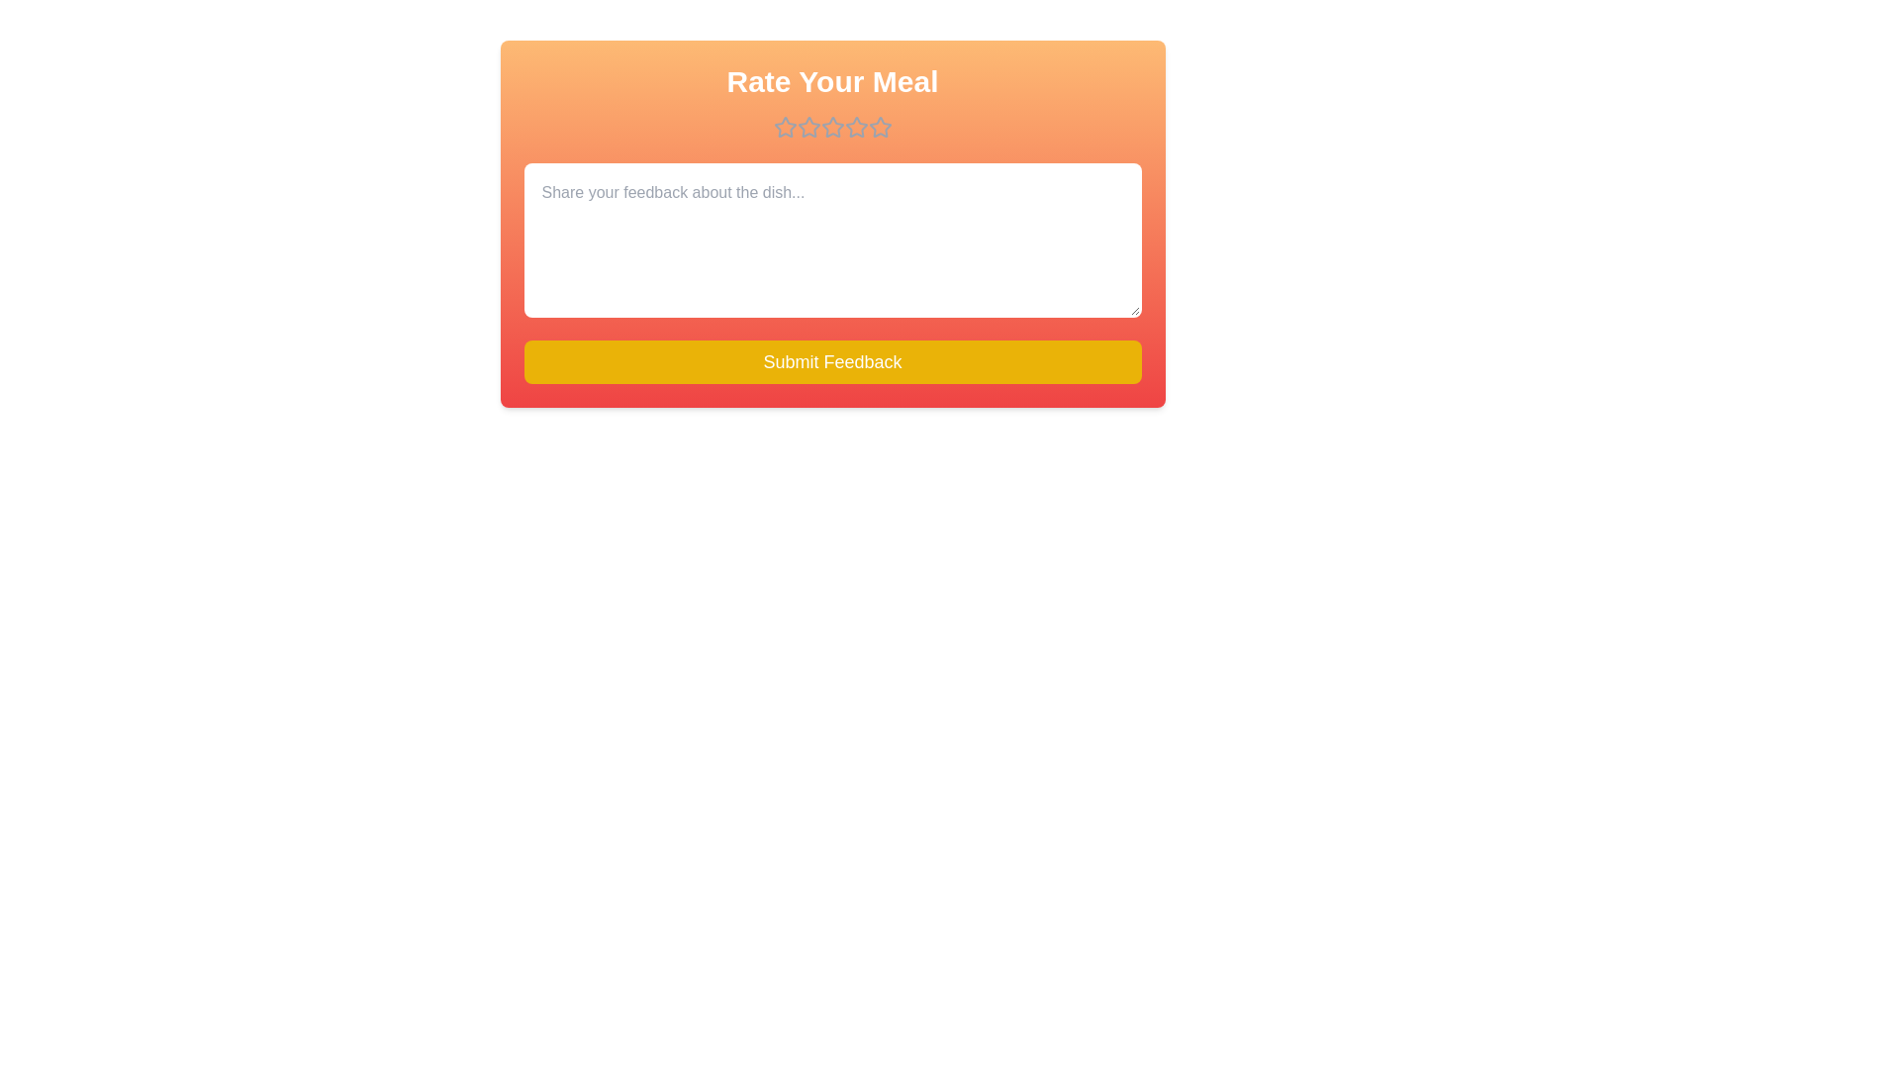  Describe the element at coordinates (856, 127) in the screenshot. I see `the star corresponding to 4 to preview the rating` at that location.